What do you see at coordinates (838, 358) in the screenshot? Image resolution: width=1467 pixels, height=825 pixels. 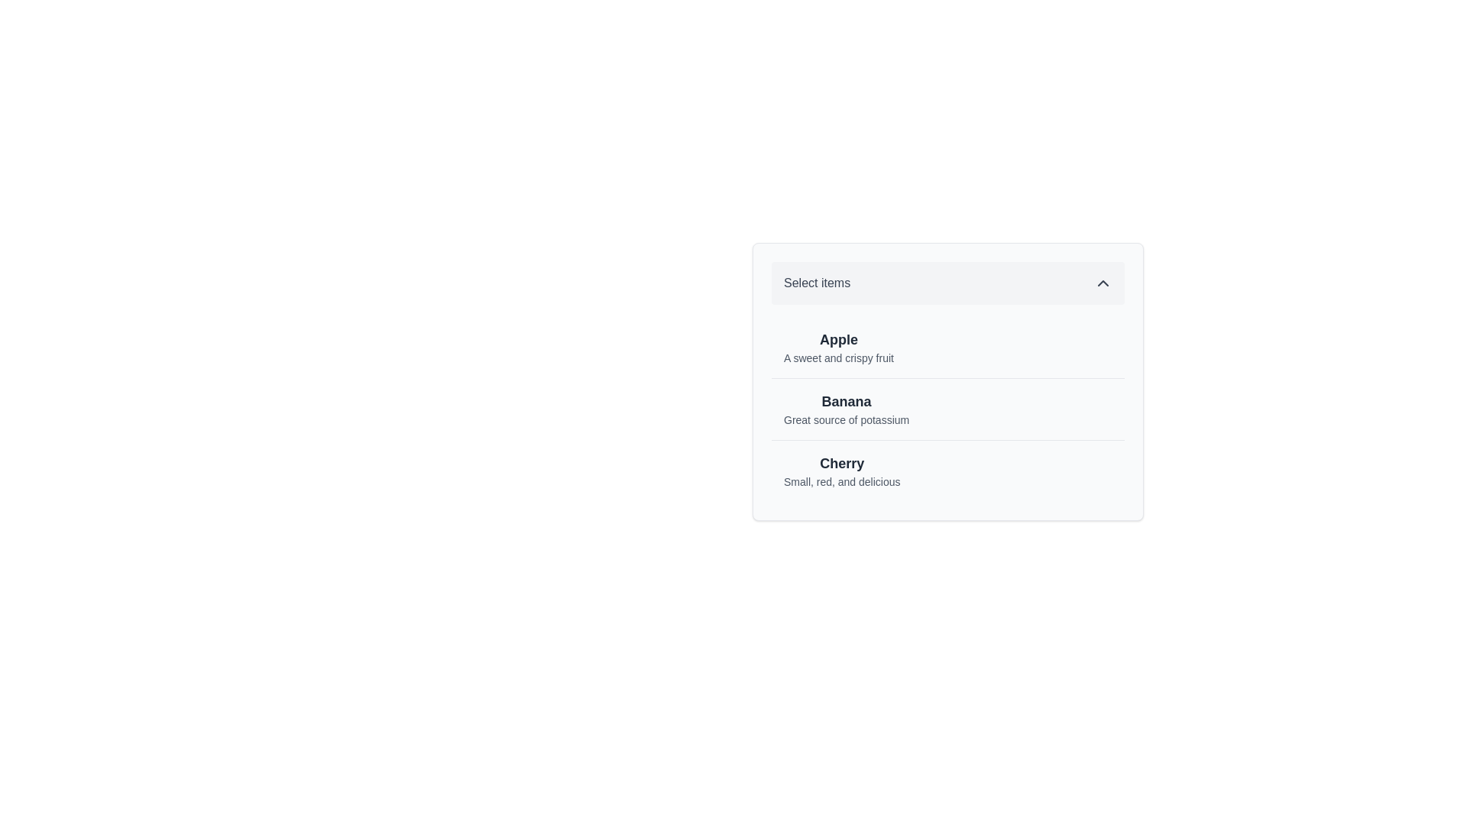 I see `the static text label that provides descriptive information for the item 'Apple', which is positioned below the text 'Apple'` at bounding box center [838, 358].